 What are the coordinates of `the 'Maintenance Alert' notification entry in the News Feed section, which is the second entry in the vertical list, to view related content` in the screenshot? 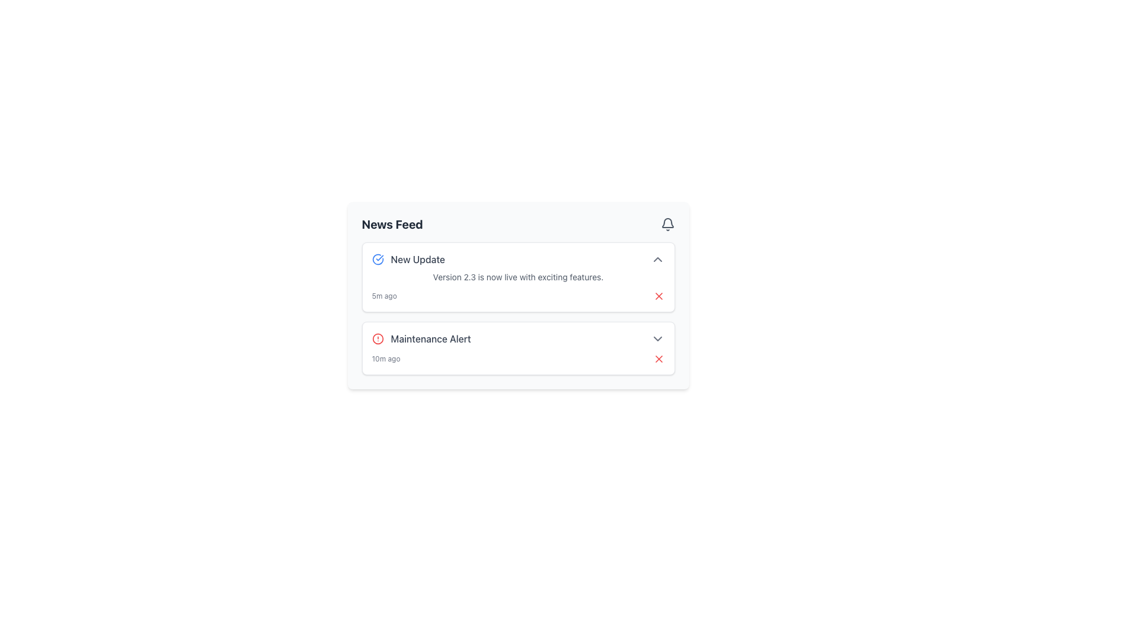 It's located at (518, 338).